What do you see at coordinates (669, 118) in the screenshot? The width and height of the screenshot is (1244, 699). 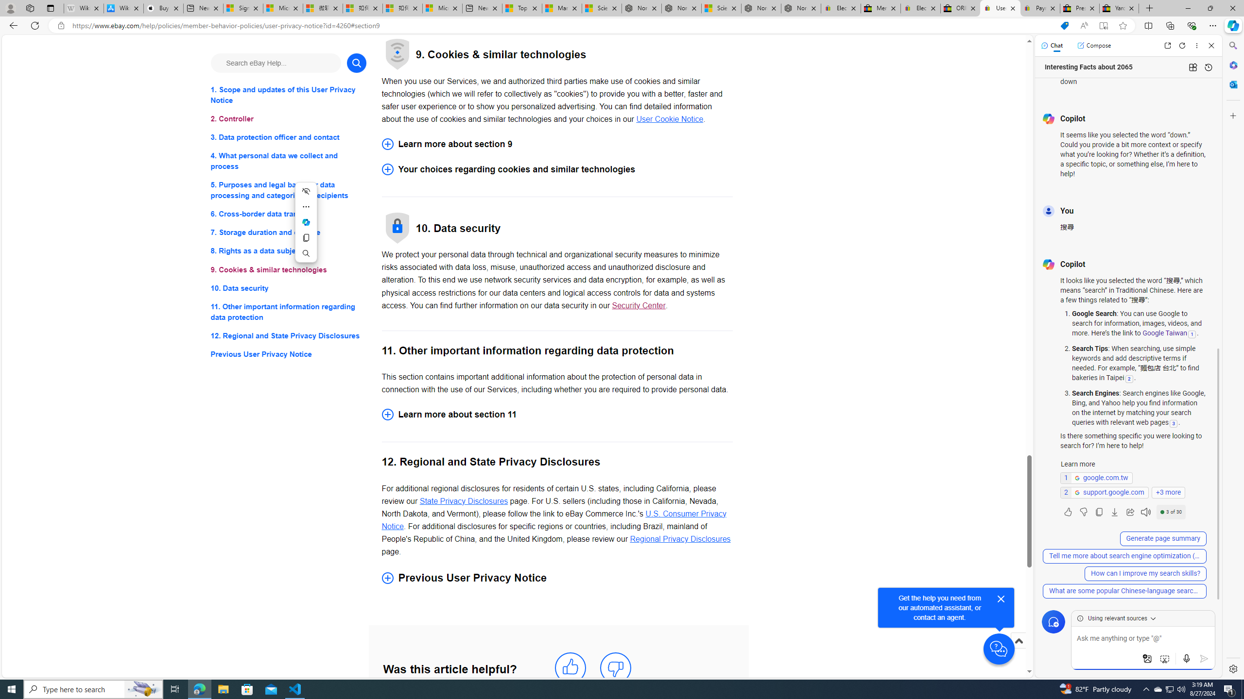 I see `'User Cookie Notice'` at bounding box center [669, 118].